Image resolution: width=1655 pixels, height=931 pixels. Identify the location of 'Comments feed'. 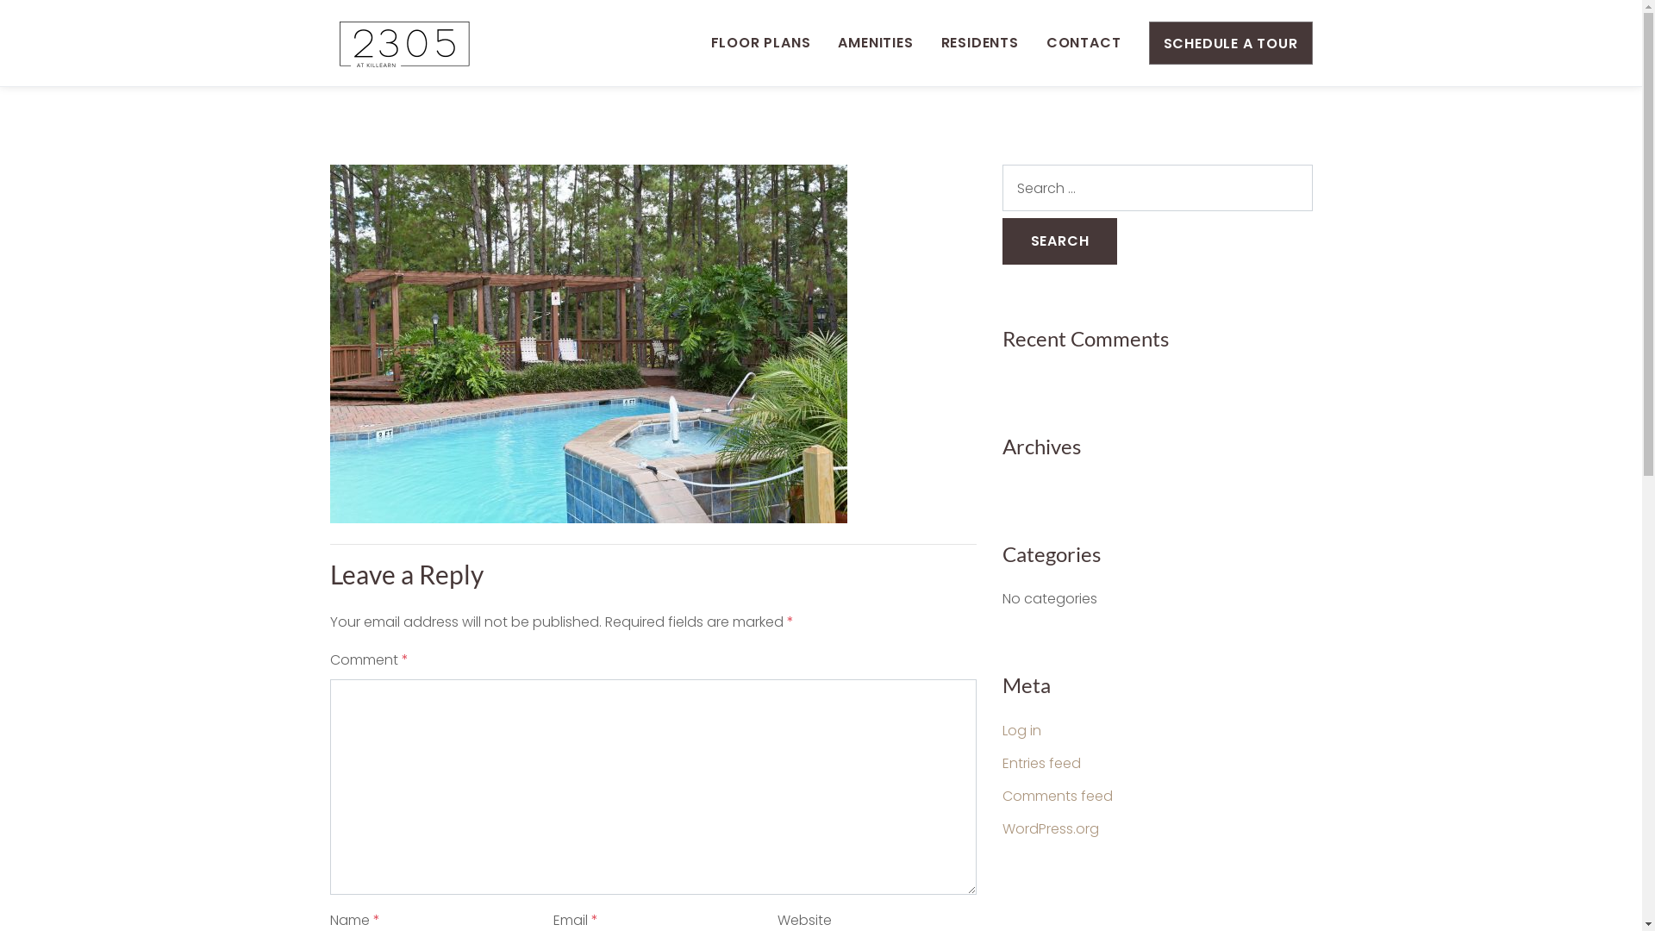
(1055, 796).